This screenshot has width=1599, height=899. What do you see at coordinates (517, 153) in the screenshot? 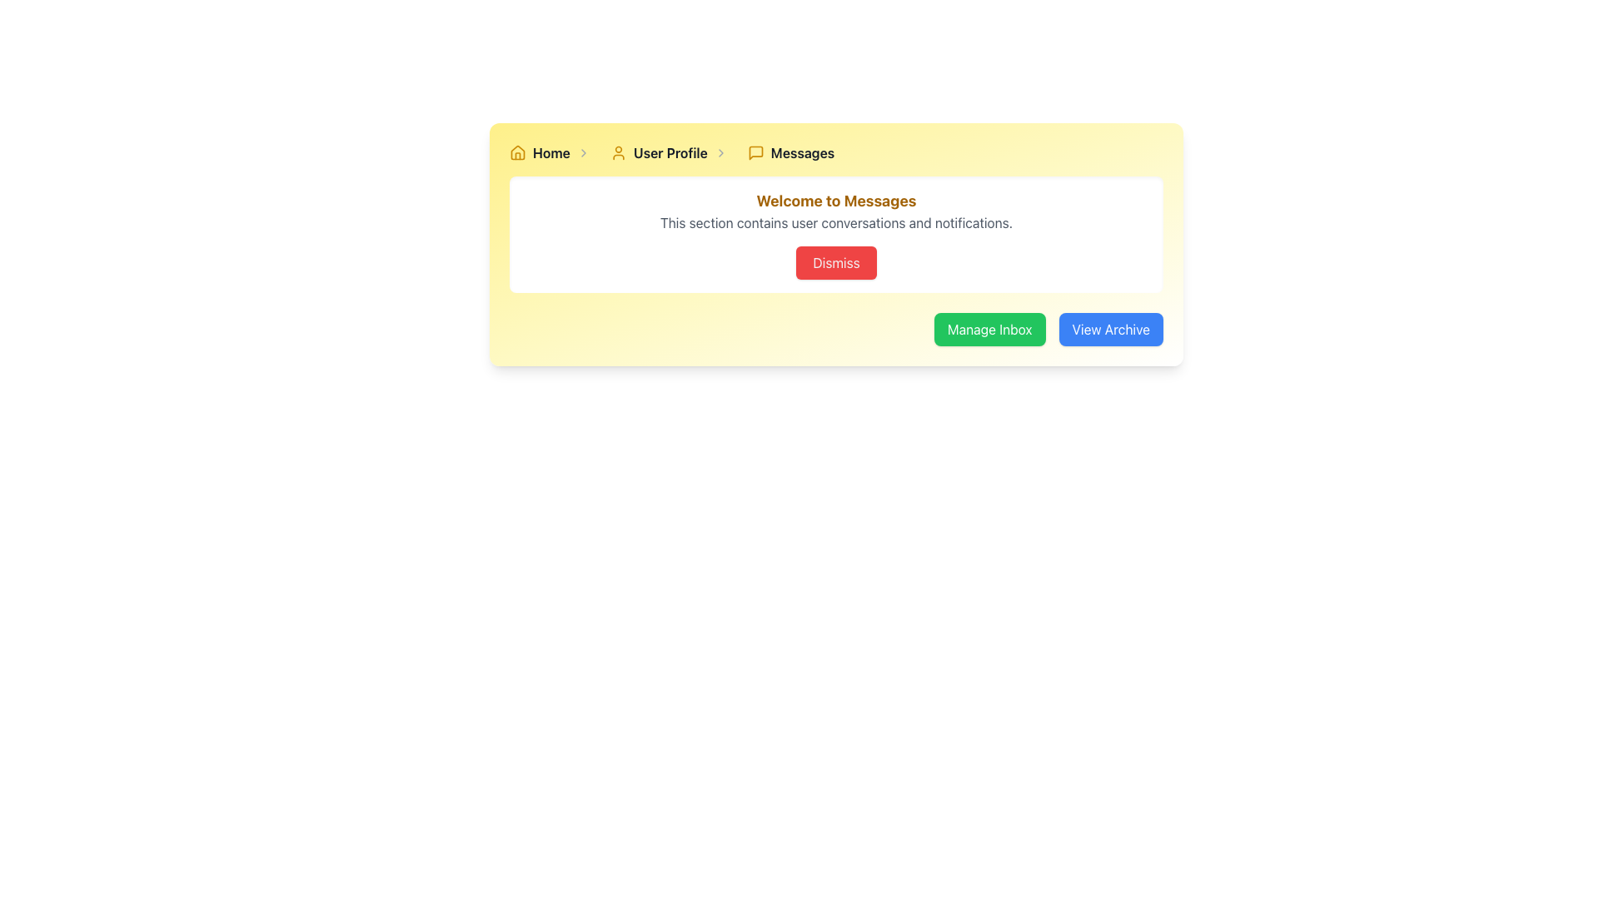
I see `the Home icon` at bounding box center [517, 153].